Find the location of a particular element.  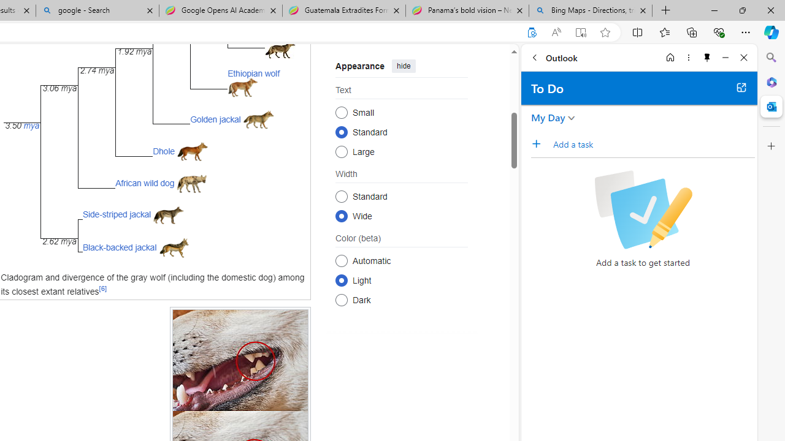

'Dhole' is located at coordinates (163, 150).